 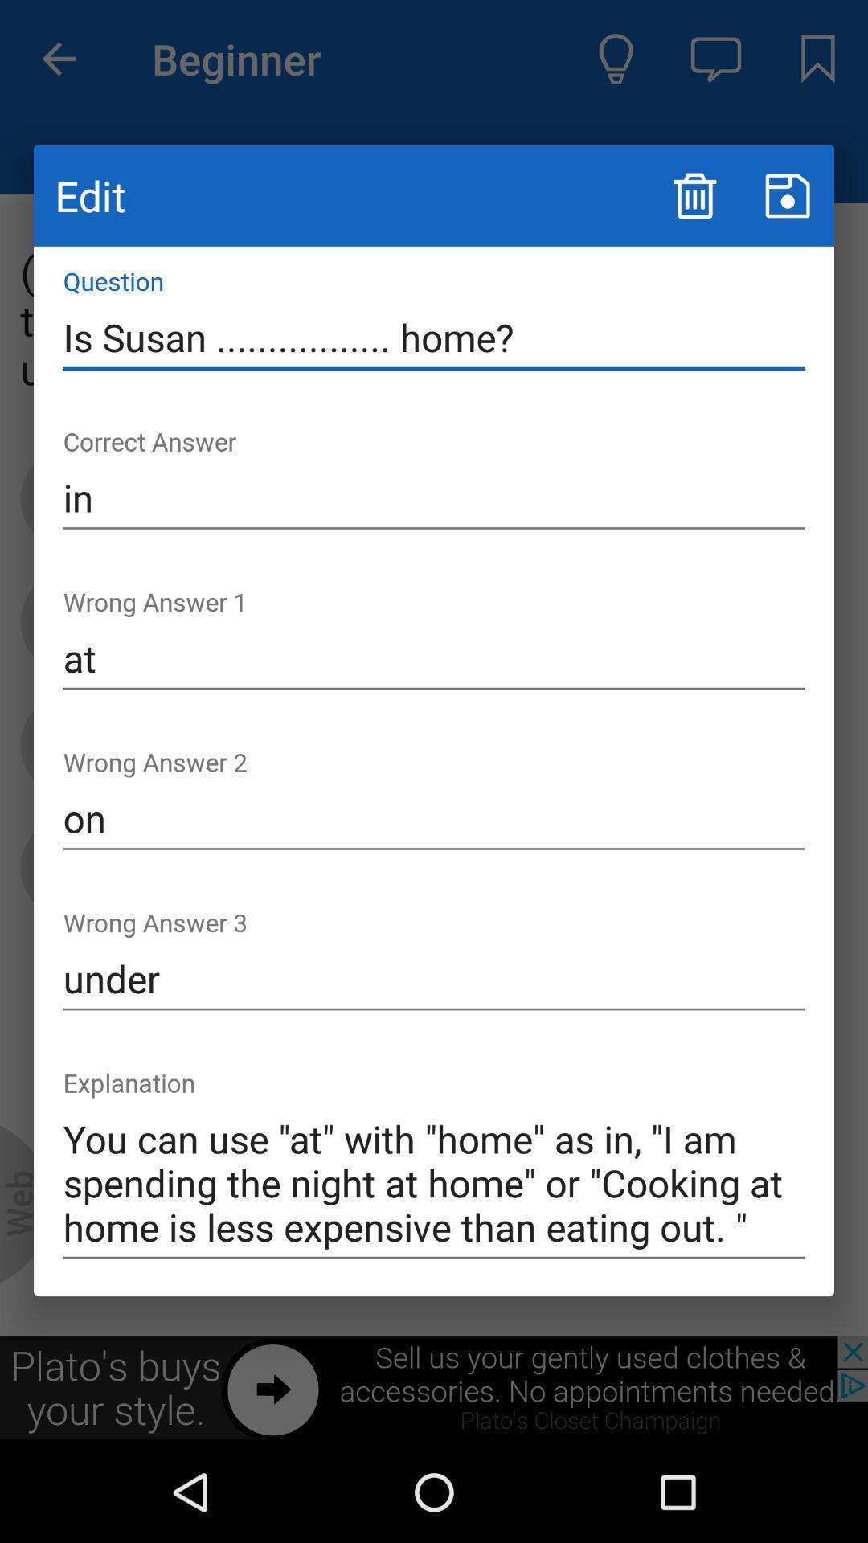 What do you see at coordinates (434, 337) in the screenshot?
I see `is susan ................. home?  item` at bounding box center [434, 337].